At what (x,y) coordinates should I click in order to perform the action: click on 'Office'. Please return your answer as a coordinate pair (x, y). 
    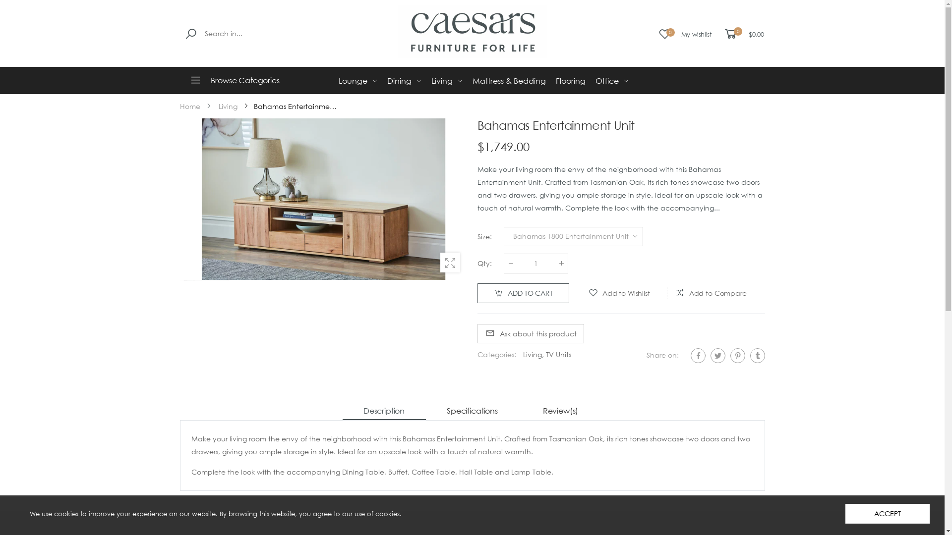
    Looking at the image, I should click on (611, 80).